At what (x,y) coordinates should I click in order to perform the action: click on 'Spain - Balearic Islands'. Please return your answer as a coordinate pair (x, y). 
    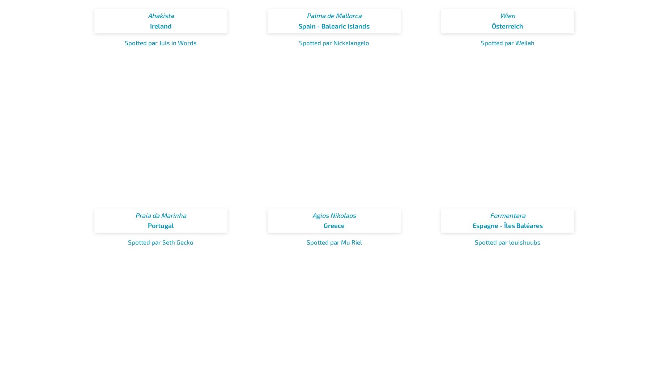
    Looking at the image, I should click on (334, 26).